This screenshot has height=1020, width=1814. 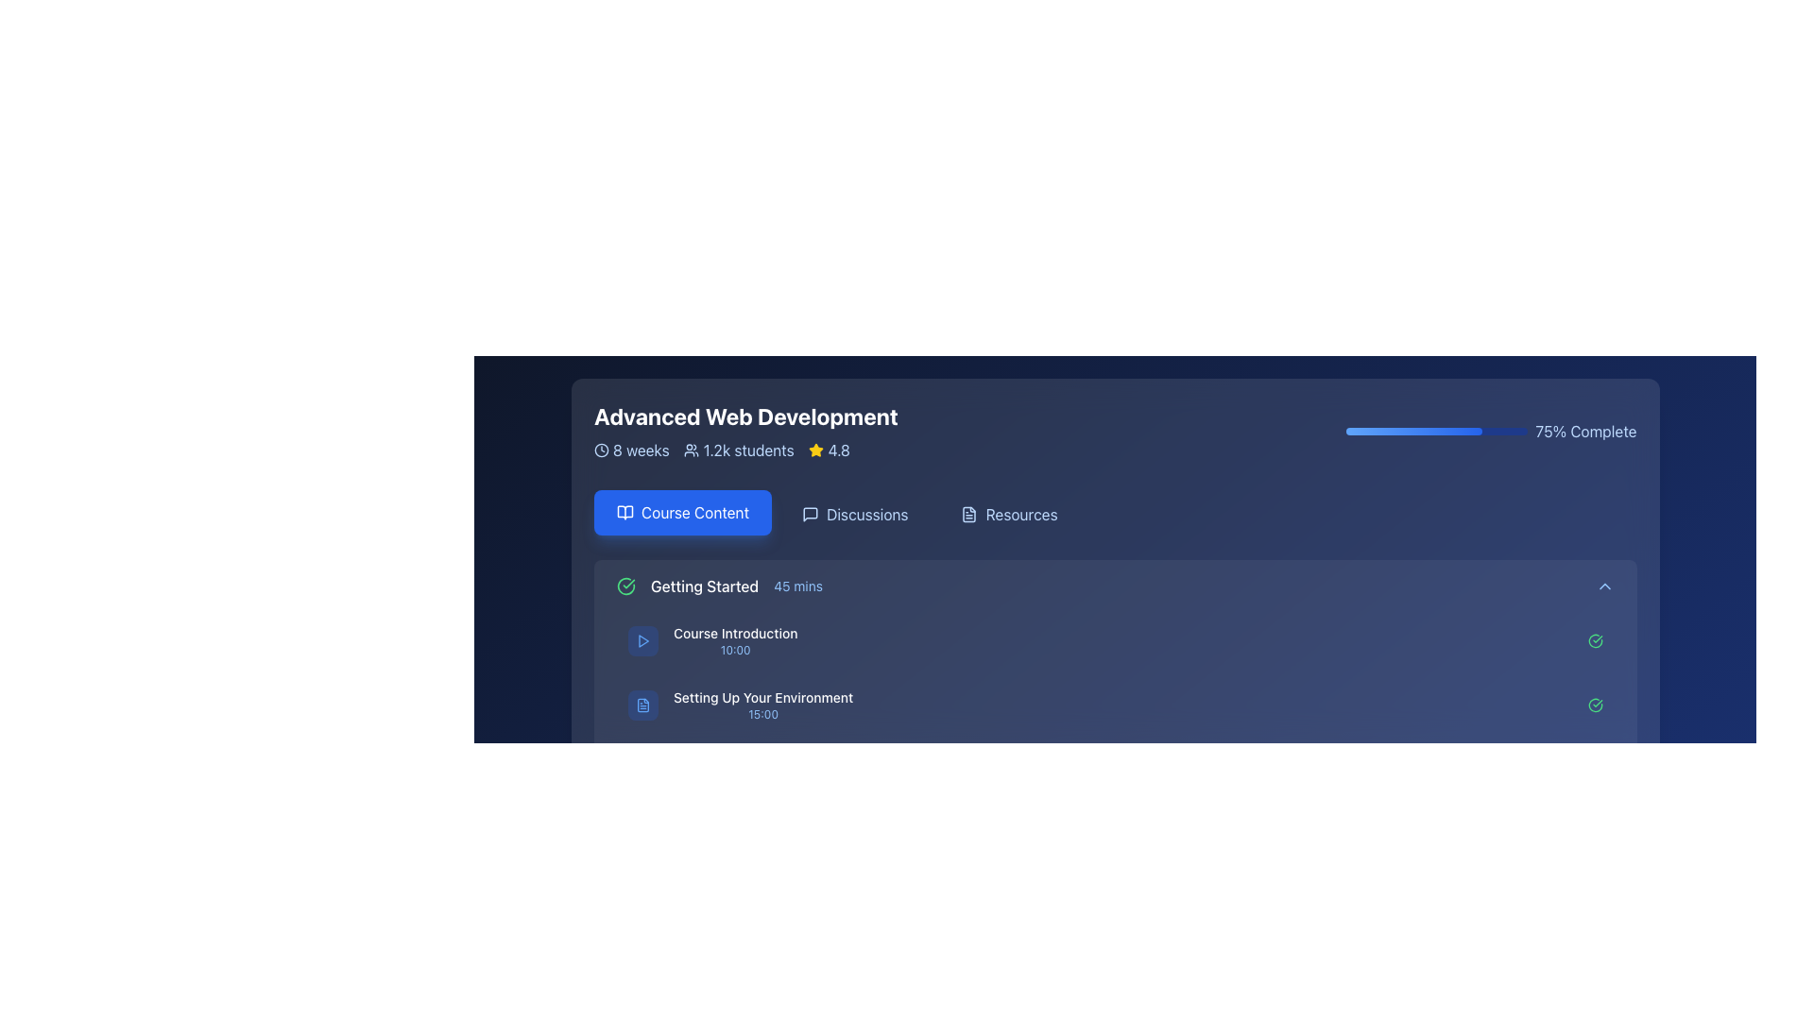 What do you see at coordinates (681, 513) in the screenshot?
I see `the navigation button that leads to the course content section for keyboard interaction` at bounding box center [681, 513].